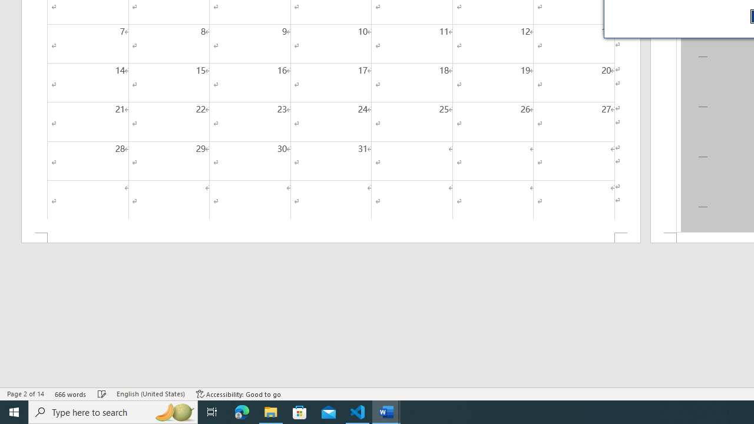 The image size is (754, 424). I want to click on 'Task View', so click(211, 411).